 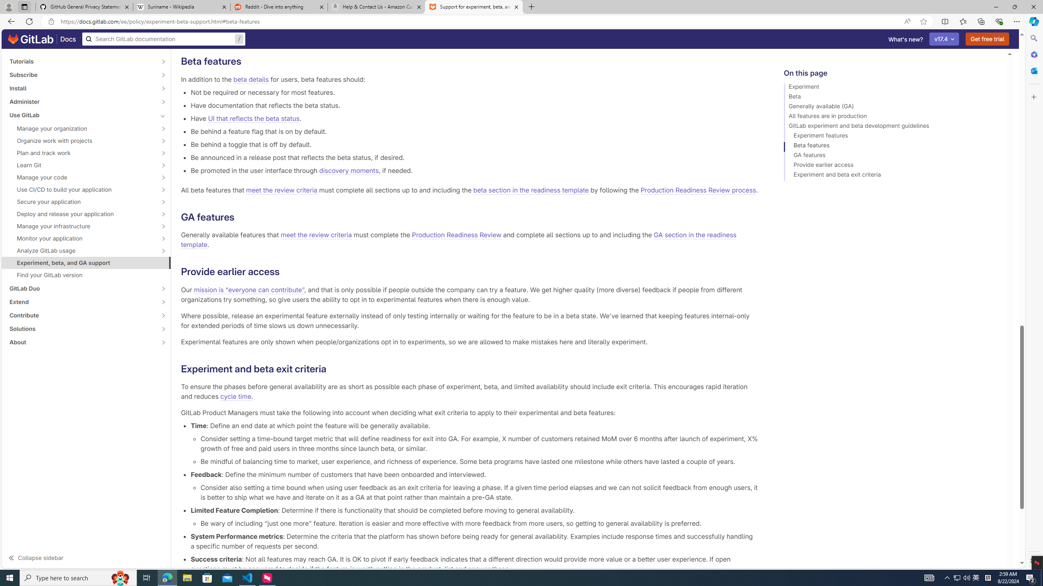 What do you see at coordinates (988, 39) in the screenshot?
I see `'Get free trial'` at bounding box center [988, 39].